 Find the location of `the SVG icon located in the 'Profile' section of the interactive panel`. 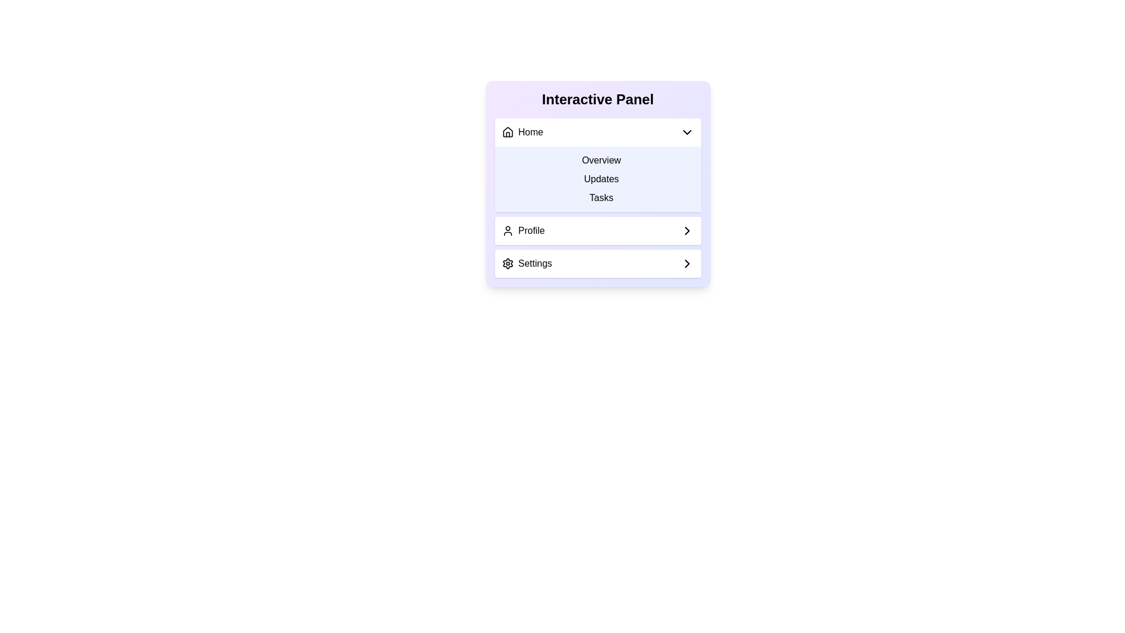

the SVG icon located in the 'Profile' section of the interactive panel is located at coordinates (687, 230).